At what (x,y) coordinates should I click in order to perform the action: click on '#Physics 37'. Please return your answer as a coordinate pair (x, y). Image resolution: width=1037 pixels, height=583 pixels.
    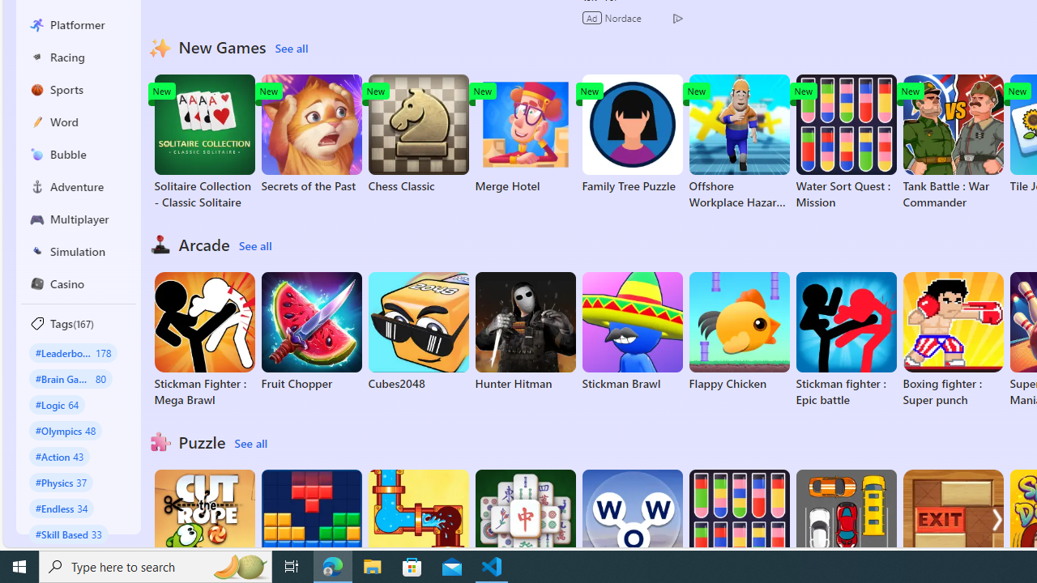
    Looking at the image, I should click on (62, 481).